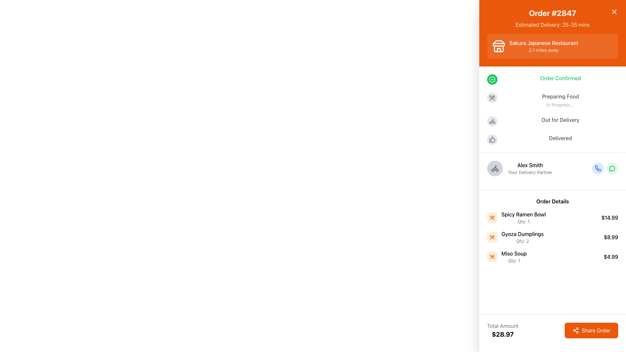 The image size is (626, 352). I want to click on the restaurant name and distance text label located in the detailed order summary section, positioned in the orange background header area near the top right corner, so click(544, 46).